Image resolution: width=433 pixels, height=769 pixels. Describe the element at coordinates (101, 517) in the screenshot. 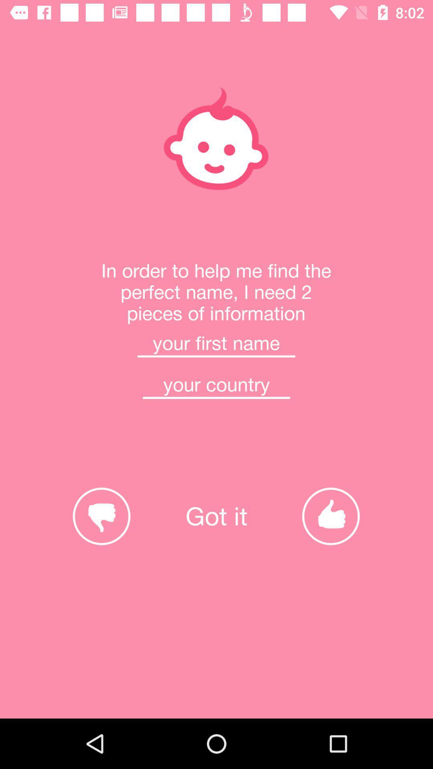

I see `the thumbs_down icon` at that location.